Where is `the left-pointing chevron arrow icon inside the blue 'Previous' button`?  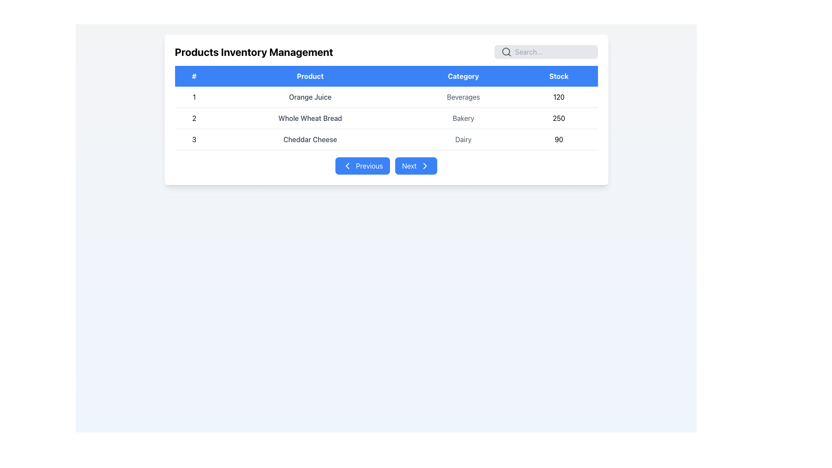
the left-pointing chevron arrow icon inside the blue 'Previous' button is located at coordinates (347, 166).